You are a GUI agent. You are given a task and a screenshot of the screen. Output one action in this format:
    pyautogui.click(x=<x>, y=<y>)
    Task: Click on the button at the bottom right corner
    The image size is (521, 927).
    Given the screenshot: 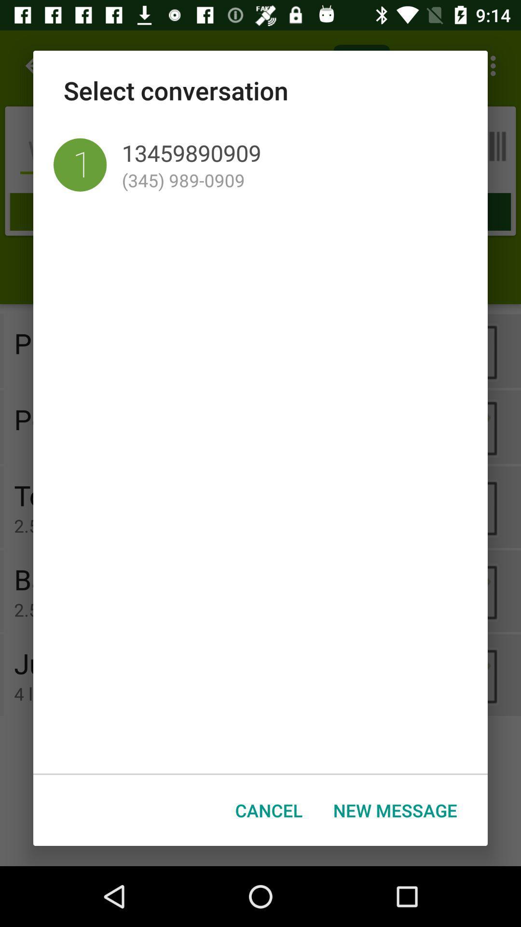 What is the action you would take?
    pyautogui.click(x=395, y=810)
    